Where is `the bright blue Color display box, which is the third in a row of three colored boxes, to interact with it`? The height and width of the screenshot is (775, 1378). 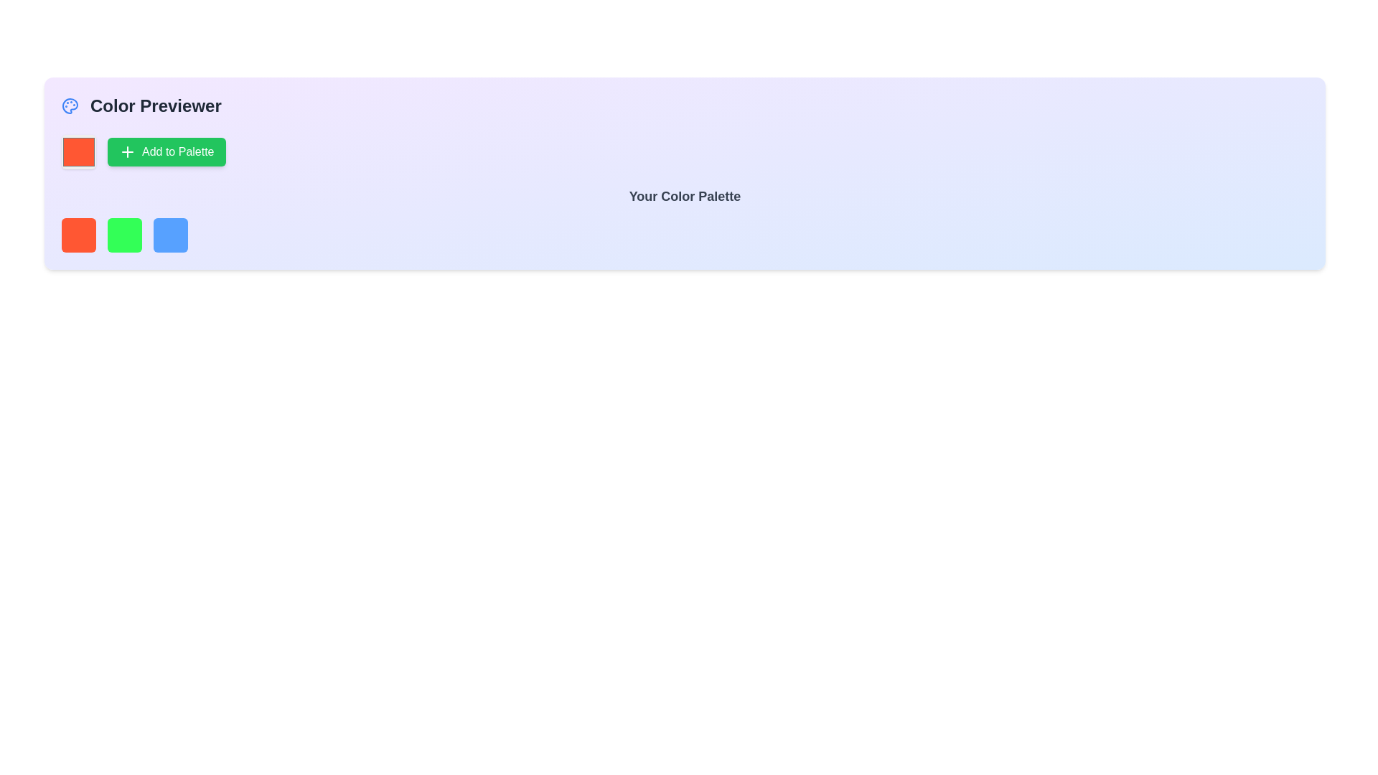
the bright blue Color display box, which is the third in a row of three colored boxes, to interact with it is located at coordinates (171, 234).